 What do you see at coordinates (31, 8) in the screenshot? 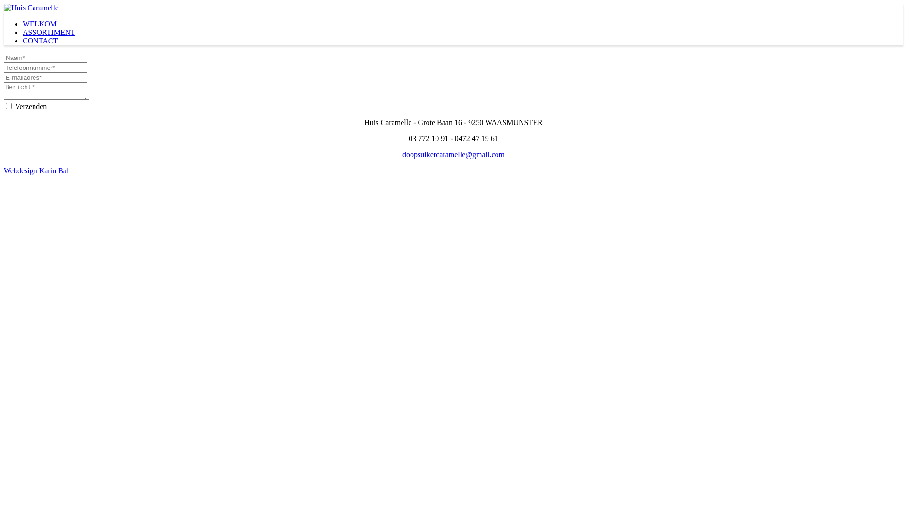
I see `'Huis Caramelle'` at bounding box center [31, 8].